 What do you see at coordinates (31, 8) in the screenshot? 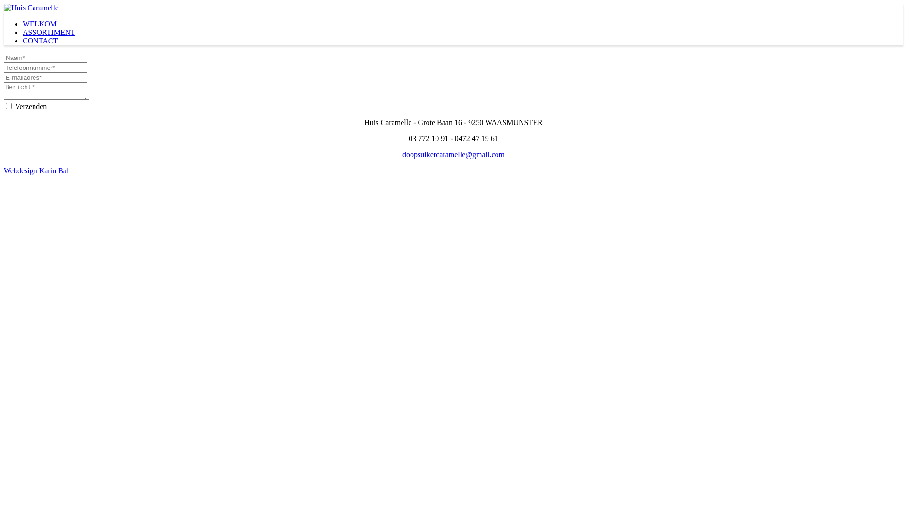
I see `'Huis Caramelle'` at bounding box center [31, 8].